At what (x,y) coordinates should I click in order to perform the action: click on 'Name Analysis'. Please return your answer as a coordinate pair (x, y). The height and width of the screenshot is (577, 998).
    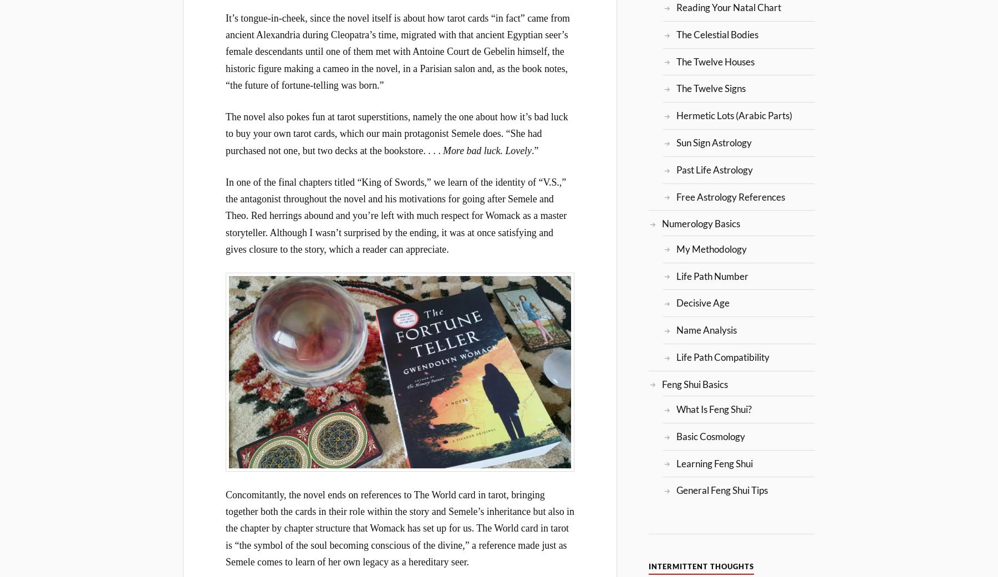
    Looking at the image, I should click on (706, 330).